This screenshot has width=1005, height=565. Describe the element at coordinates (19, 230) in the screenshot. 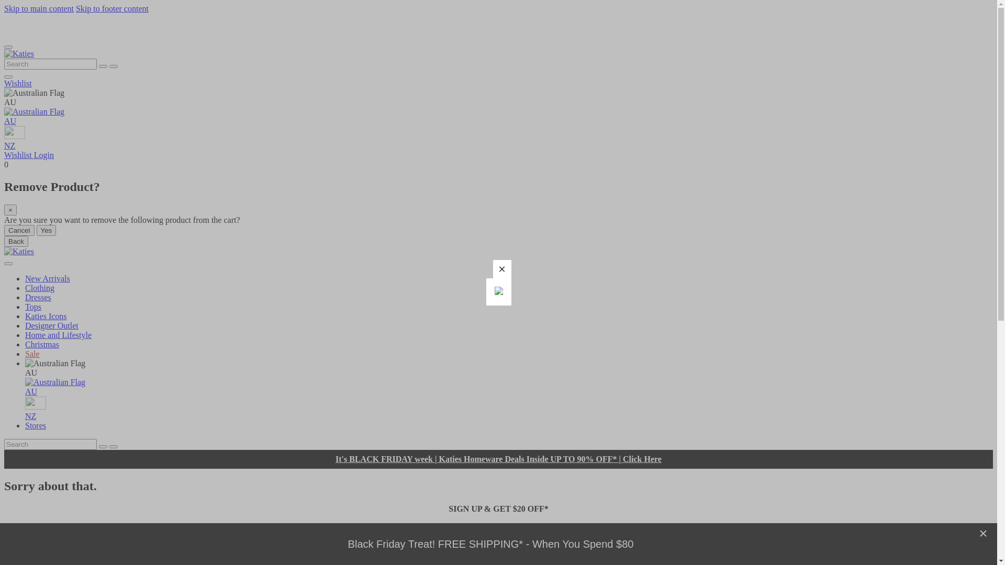

I see `'Cancel'` at that location.